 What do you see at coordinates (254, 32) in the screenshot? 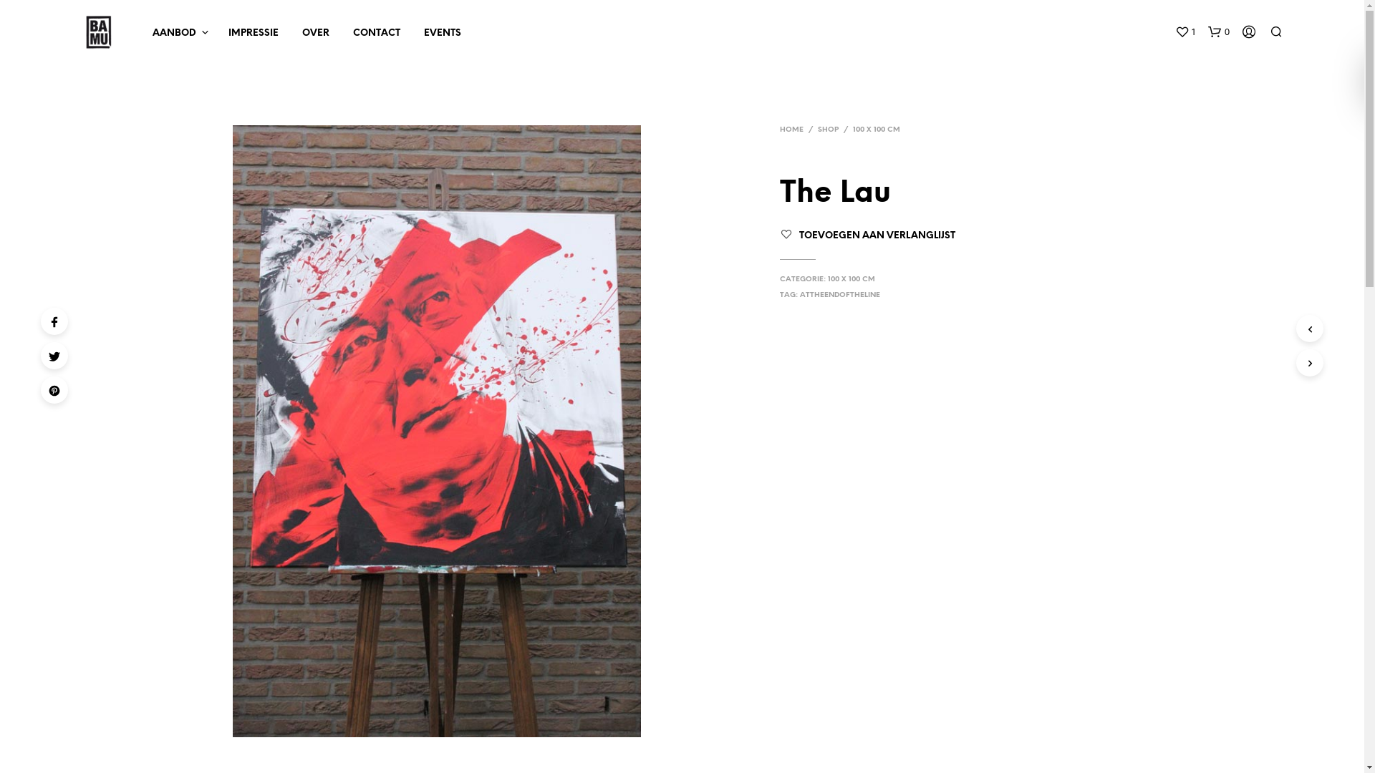
I see `'IMPRESSIE'` at bounding box center [254, 32].